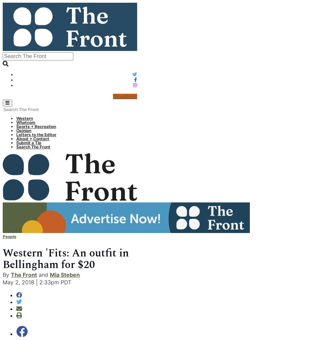 This screenshot has height=340, width=332. I want to click on 'People', so click(9, 236).